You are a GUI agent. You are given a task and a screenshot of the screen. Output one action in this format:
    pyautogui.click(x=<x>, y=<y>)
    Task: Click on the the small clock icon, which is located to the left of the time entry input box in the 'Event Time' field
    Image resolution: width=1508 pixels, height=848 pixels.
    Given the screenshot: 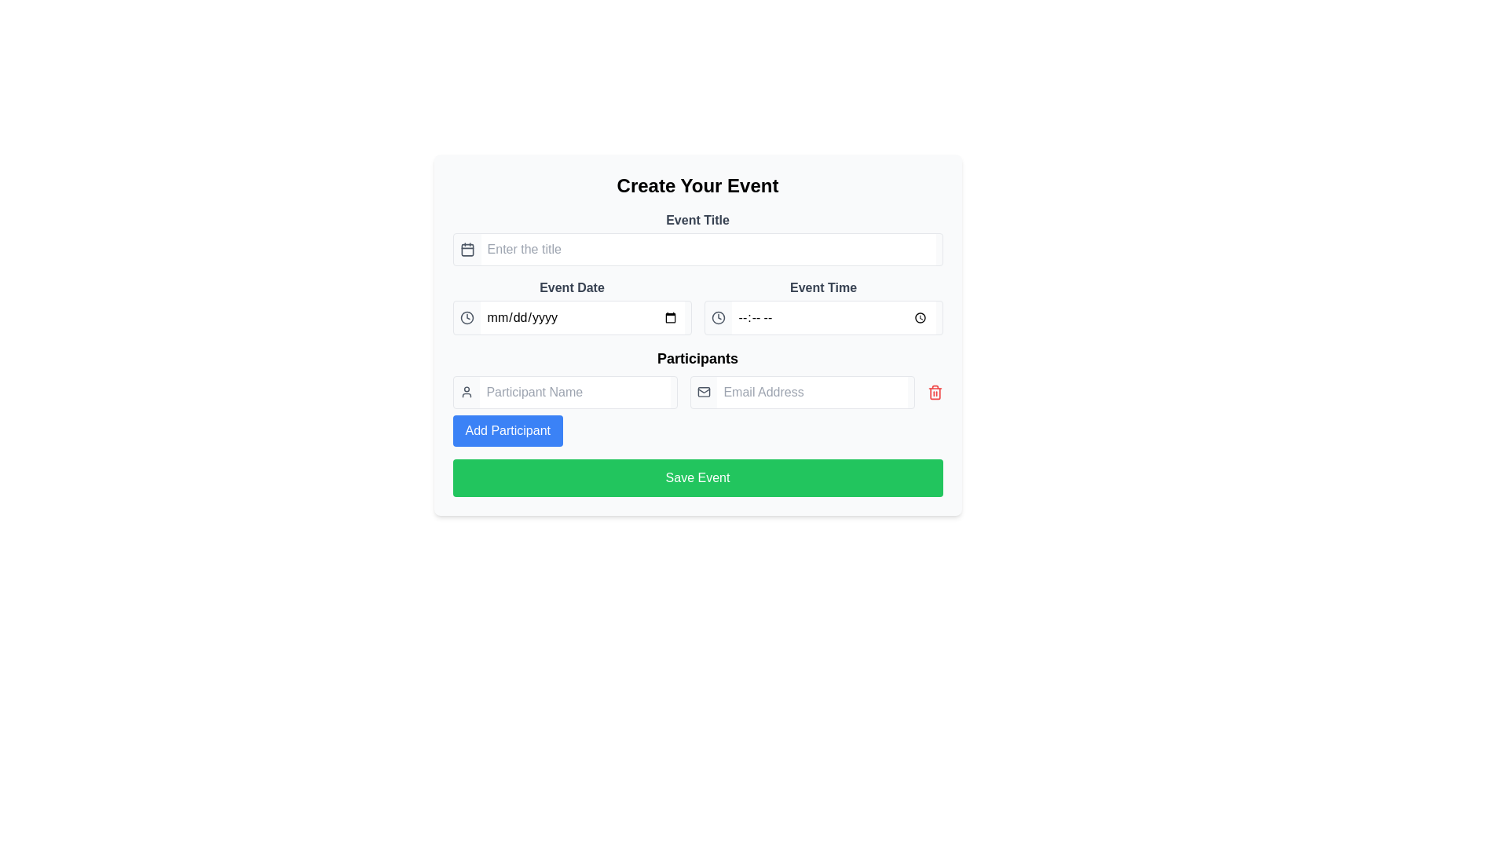 What is the action you would take?
    pyautogui.click(x=717, y=318)
    